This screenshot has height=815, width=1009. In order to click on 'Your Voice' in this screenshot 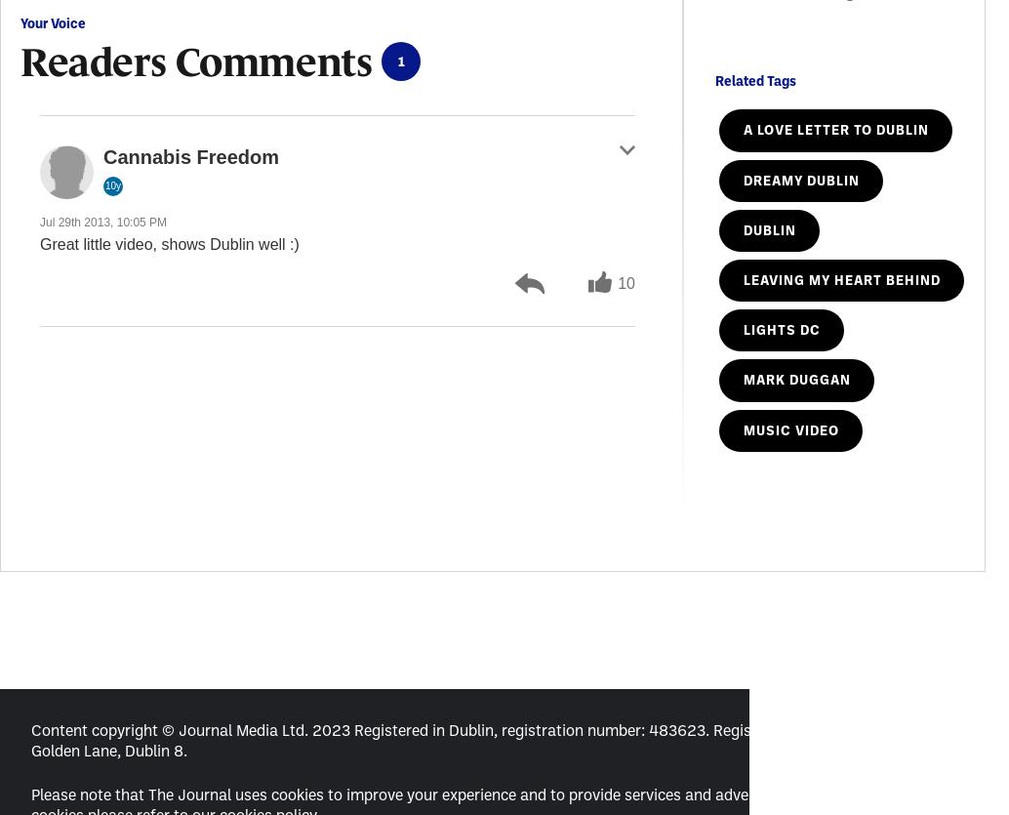, I will do `click(53, 22)`.